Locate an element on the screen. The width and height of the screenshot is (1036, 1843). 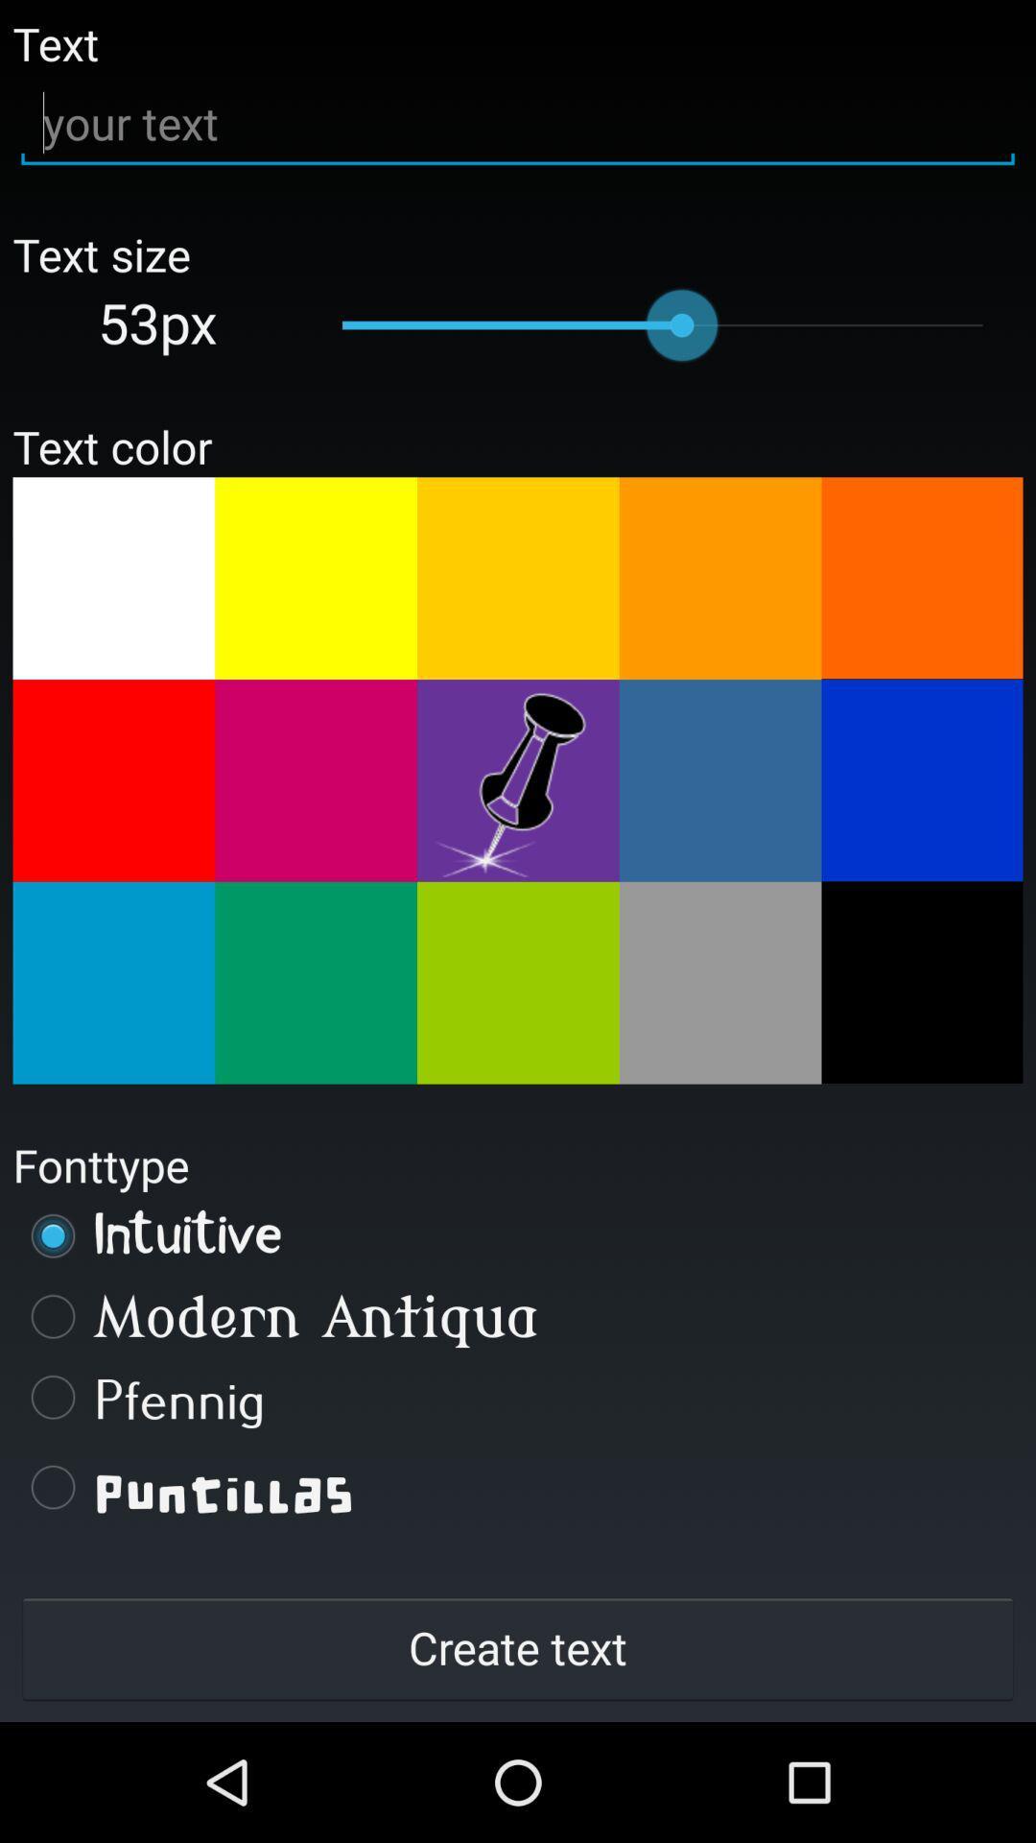
change text color to yellow is located at coordinates (315, 577).